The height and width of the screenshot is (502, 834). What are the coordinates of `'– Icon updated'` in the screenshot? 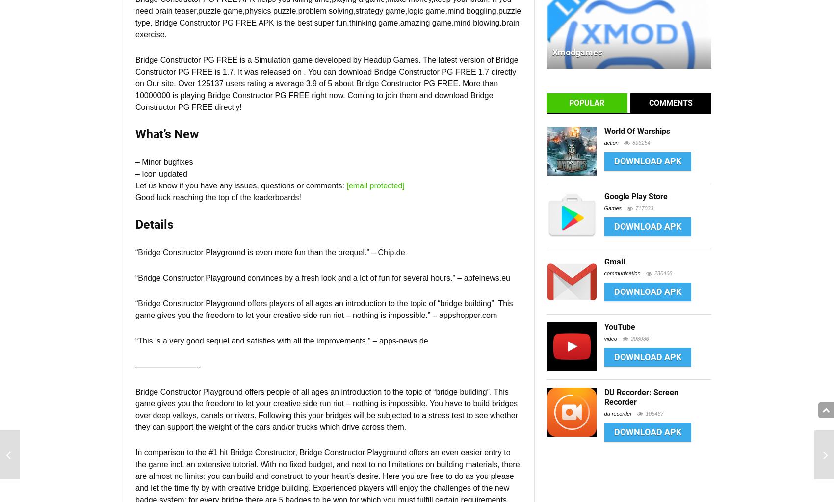 It's located at (160, 174).